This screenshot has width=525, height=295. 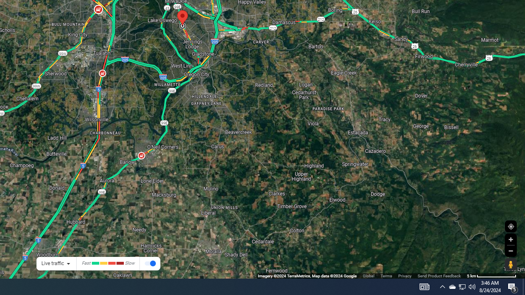 I want to click on 'Show Street View coverage', so click(x=510, y=264).